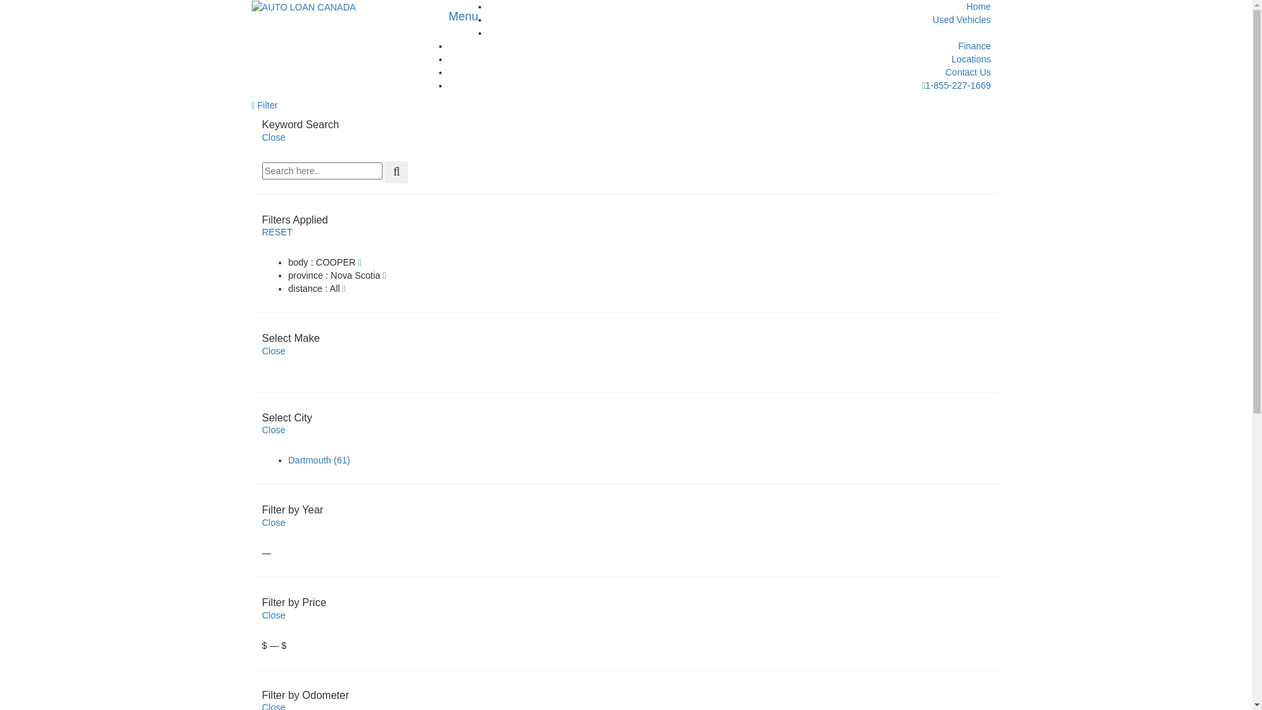 The width and height of the screenshot is (1262, 710). I want to click on 'Dartmouth (61)', so click(287, 459).